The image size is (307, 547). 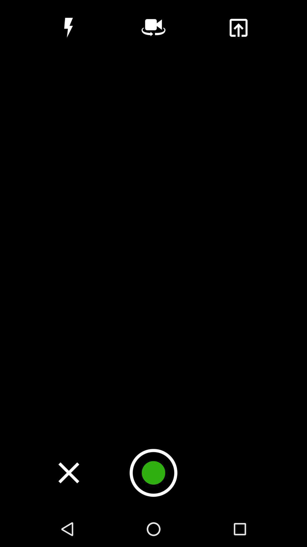 I want to click on the item at the top, so click(x=153, y=27).